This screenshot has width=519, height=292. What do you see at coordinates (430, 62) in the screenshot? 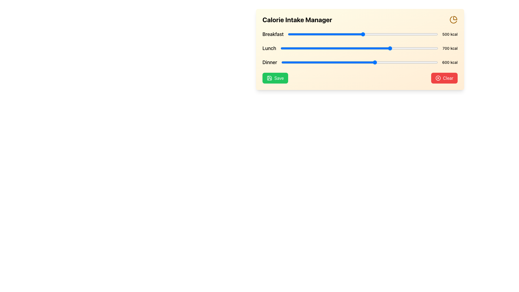
I see `the dinner calorie intake slider` at bounding box center [430, 62].